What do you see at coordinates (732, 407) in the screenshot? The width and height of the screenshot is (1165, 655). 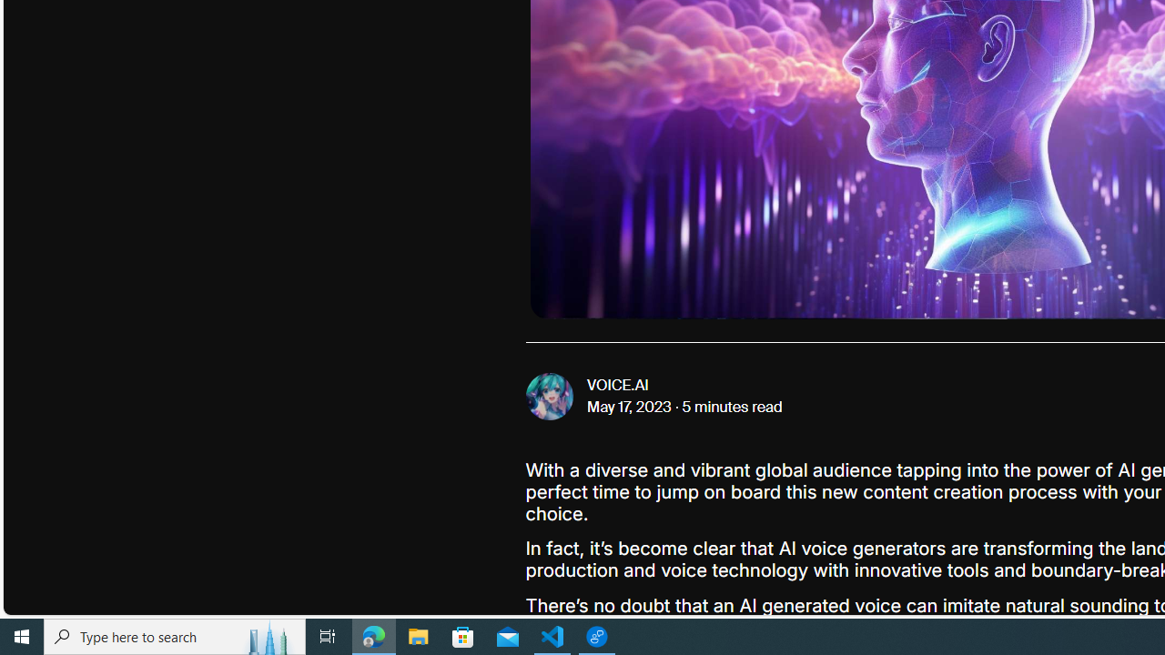 I see `'5 minutes read'` at bounding box center [732, 407].